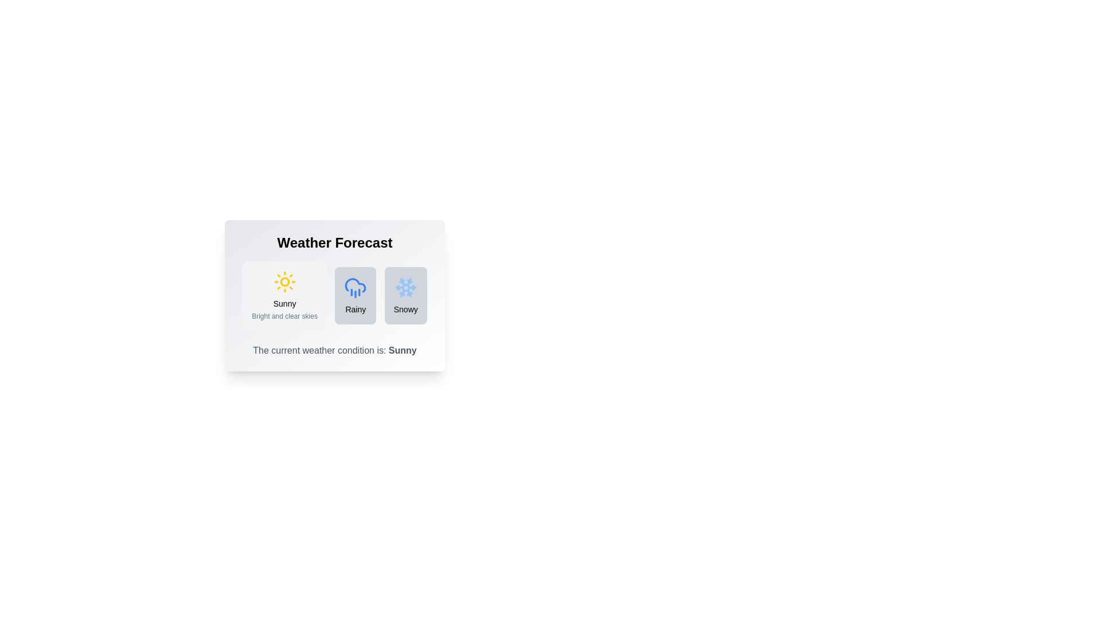  What do you see at coordinates (355, 295) in the screenshot?
I see `the weather condition button corresponding to Rainy` at bounding box center [355, 295].